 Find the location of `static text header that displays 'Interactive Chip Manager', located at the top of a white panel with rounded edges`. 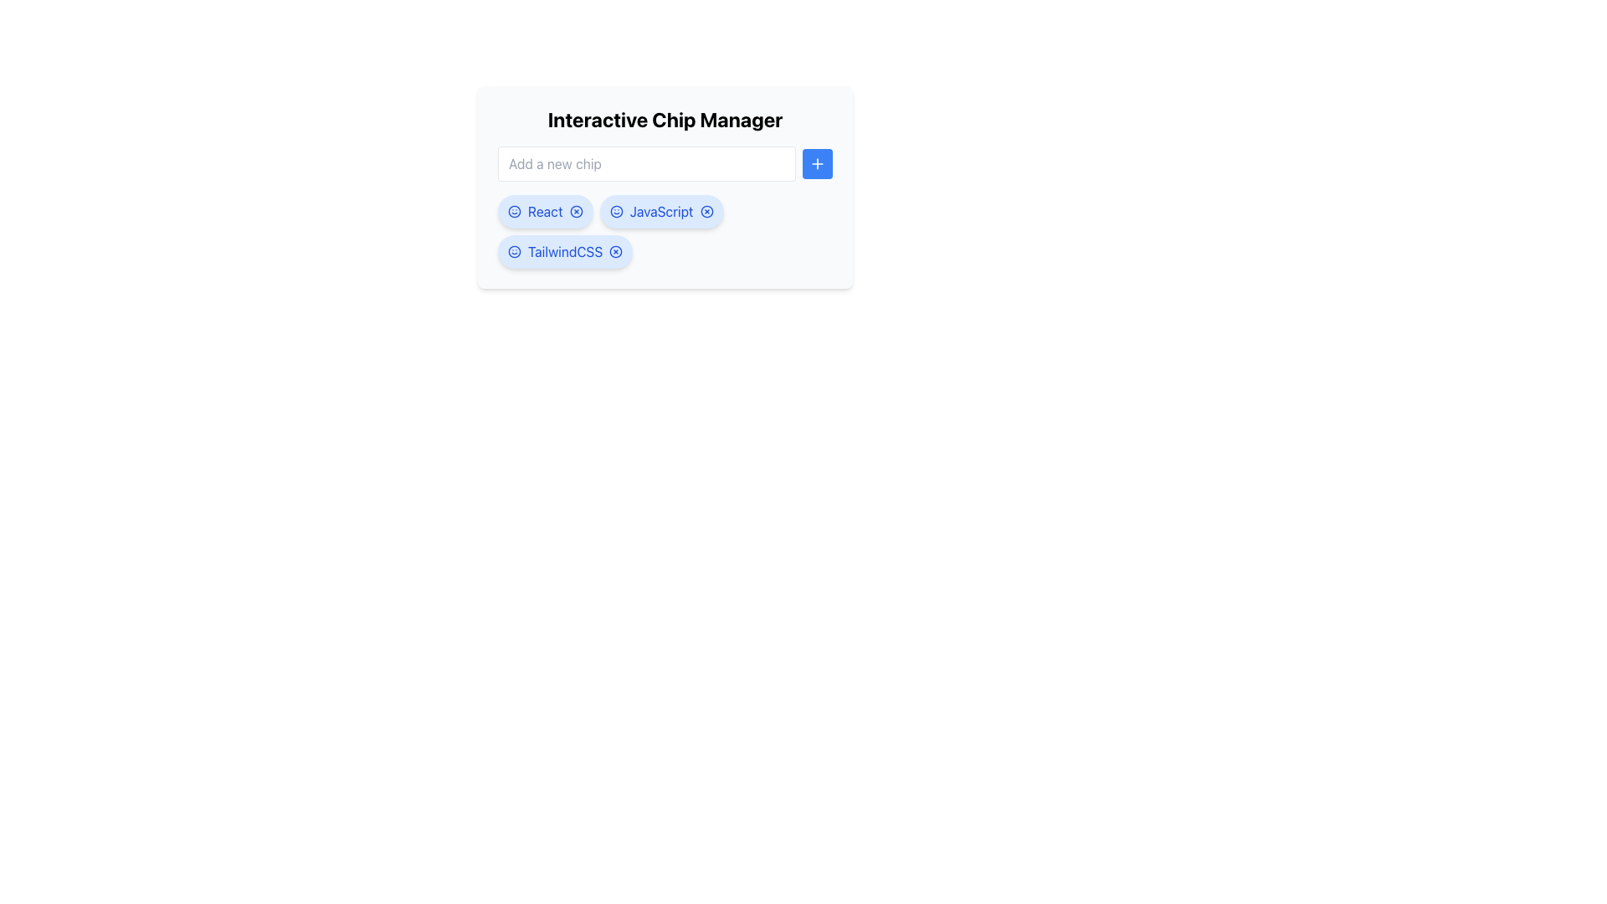

static text header that displays 'Interactive Chip Manager', located at the top of a white panel with rounded edges is located at coordinates (665, 118).